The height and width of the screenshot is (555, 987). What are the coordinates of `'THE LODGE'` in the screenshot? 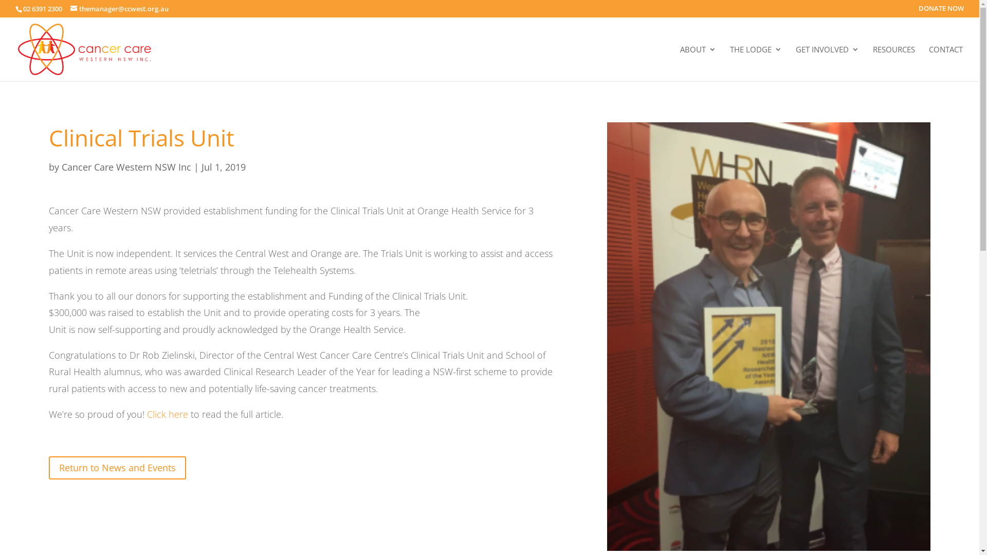 It's located at (756, 63).